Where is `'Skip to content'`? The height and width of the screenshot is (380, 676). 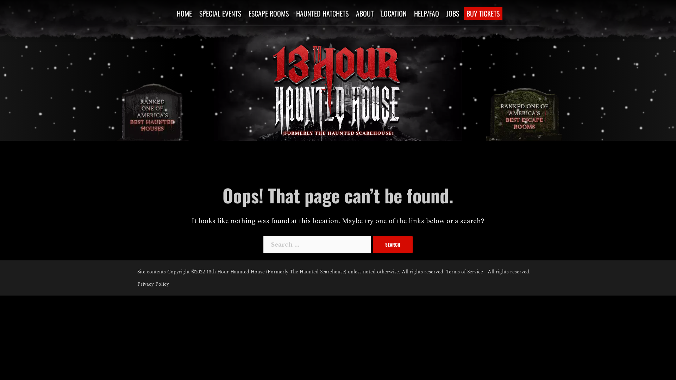 'Skip to content' is located at coordinates (0, 141).